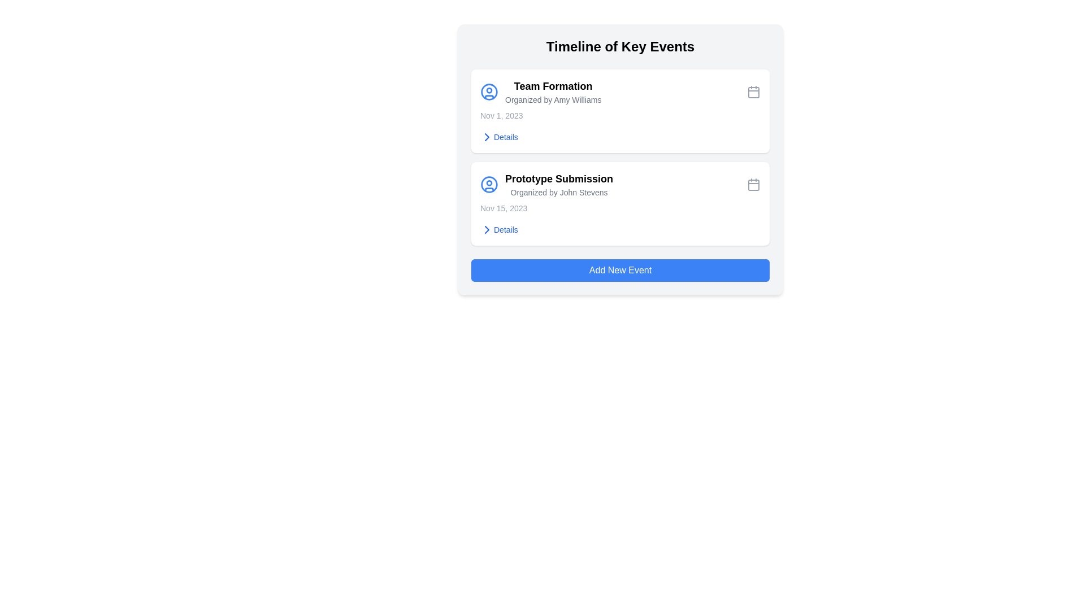  Describe the element at coordinates (489, 184) in the screenshot. I see `the blue circular outline icon located in the top-left corner of the 'Team Formation' card in the 'Timeline of Key Events' panel` at that location.